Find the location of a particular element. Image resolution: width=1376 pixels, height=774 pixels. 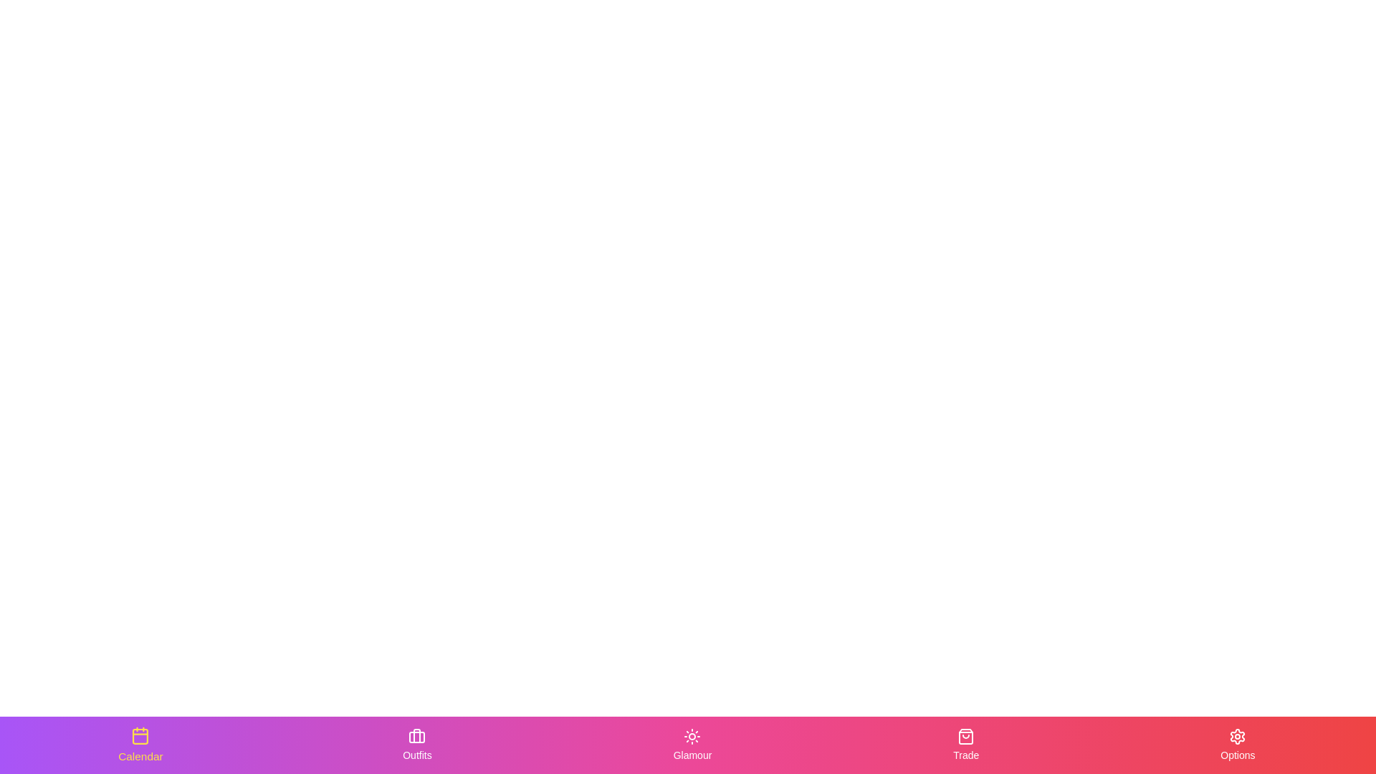

the tab labeled Options to observe its hover effect is located at coordinates (1237, 745).